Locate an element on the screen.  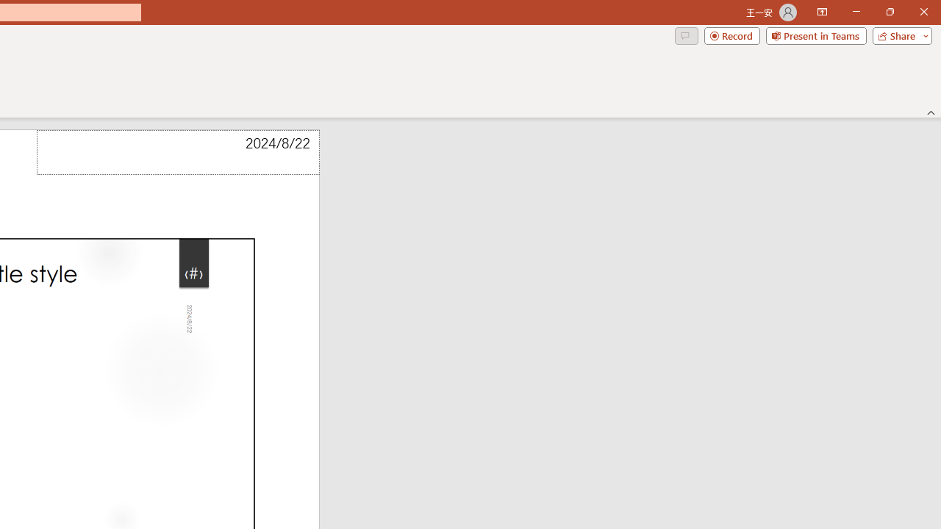
'Date' is located at coordinates (177, 152).